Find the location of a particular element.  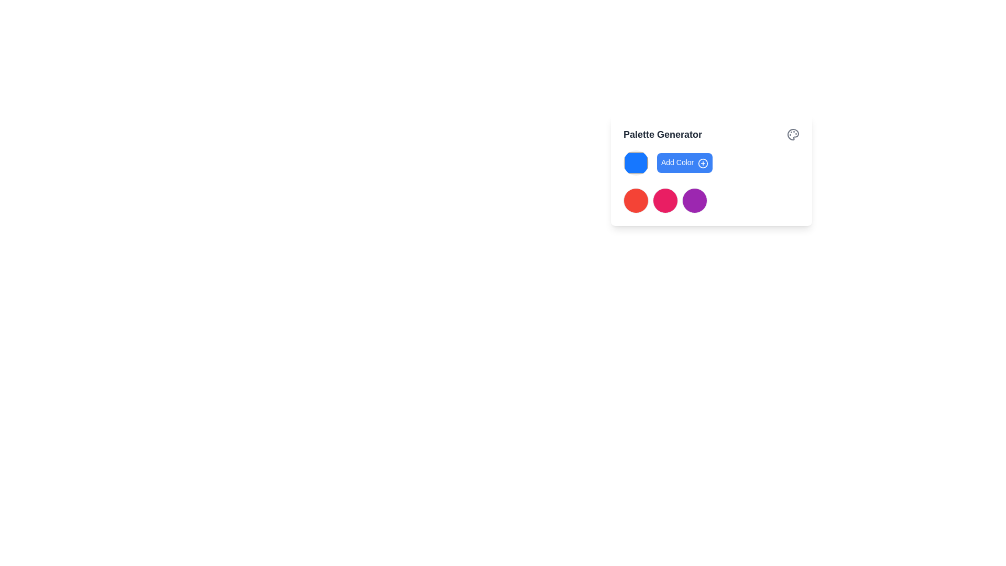

the painter's palette icon located at the upper-right corner of the 'Palette Generator' section is located at coordinates (793, 134).